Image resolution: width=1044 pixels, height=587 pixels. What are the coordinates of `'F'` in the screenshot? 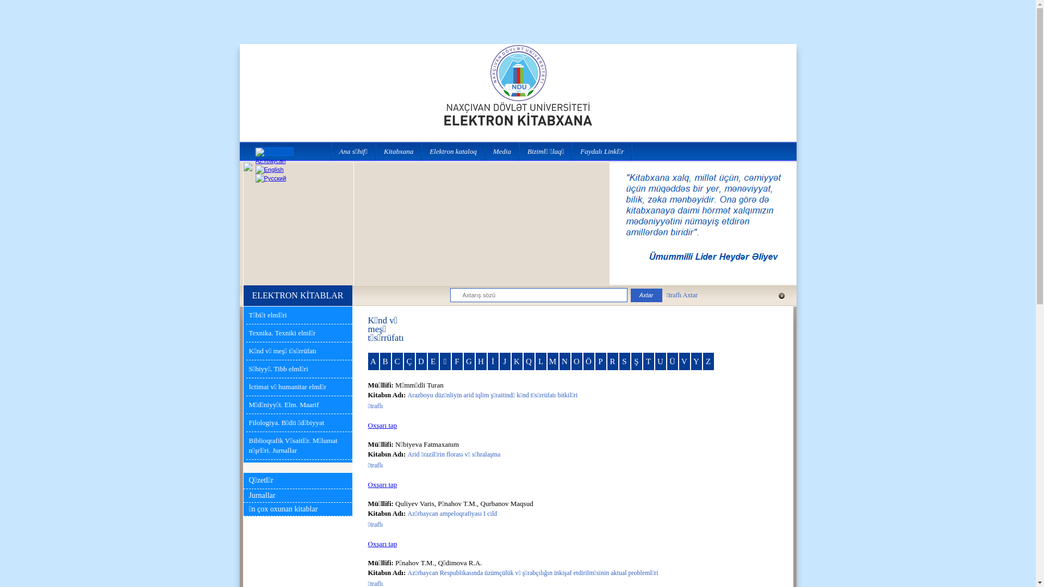 It's located at (454, 361).